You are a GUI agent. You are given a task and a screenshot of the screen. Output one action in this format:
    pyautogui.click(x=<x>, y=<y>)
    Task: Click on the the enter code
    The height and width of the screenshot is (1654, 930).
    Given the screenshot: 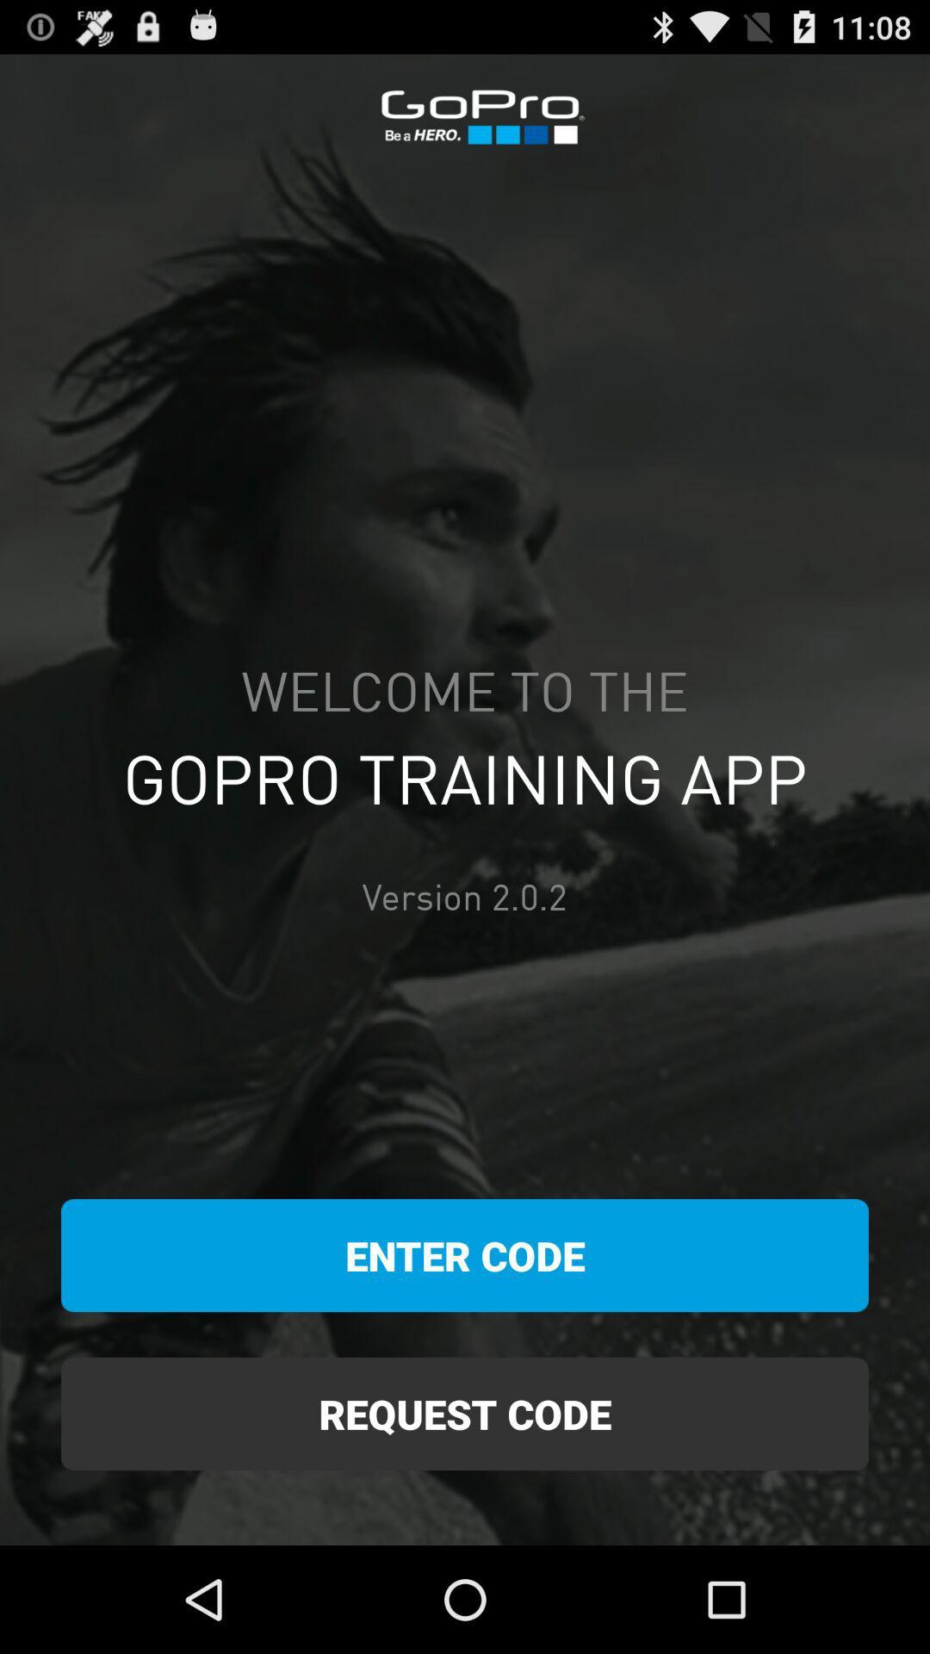 What is the action you would take?
    pyautogui.click(x=465, y=1255)
    